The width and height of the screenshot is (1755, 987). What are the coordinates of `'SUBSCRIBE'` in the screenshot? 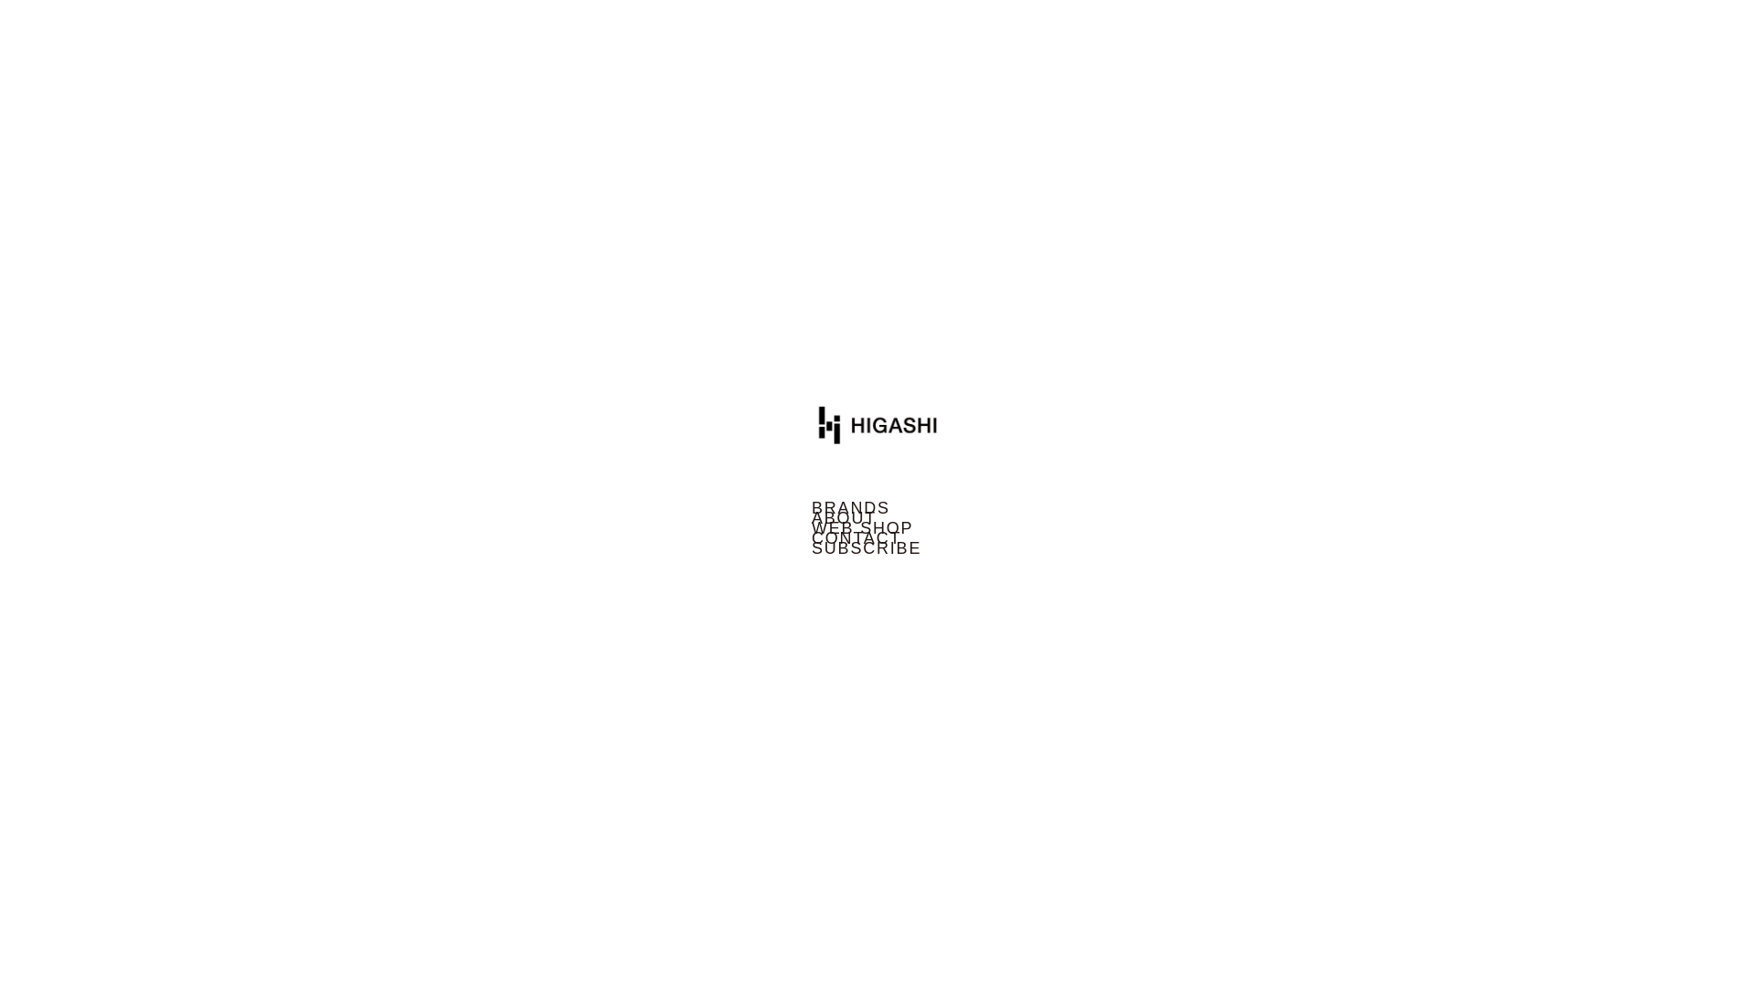 It's located at (877, 547).